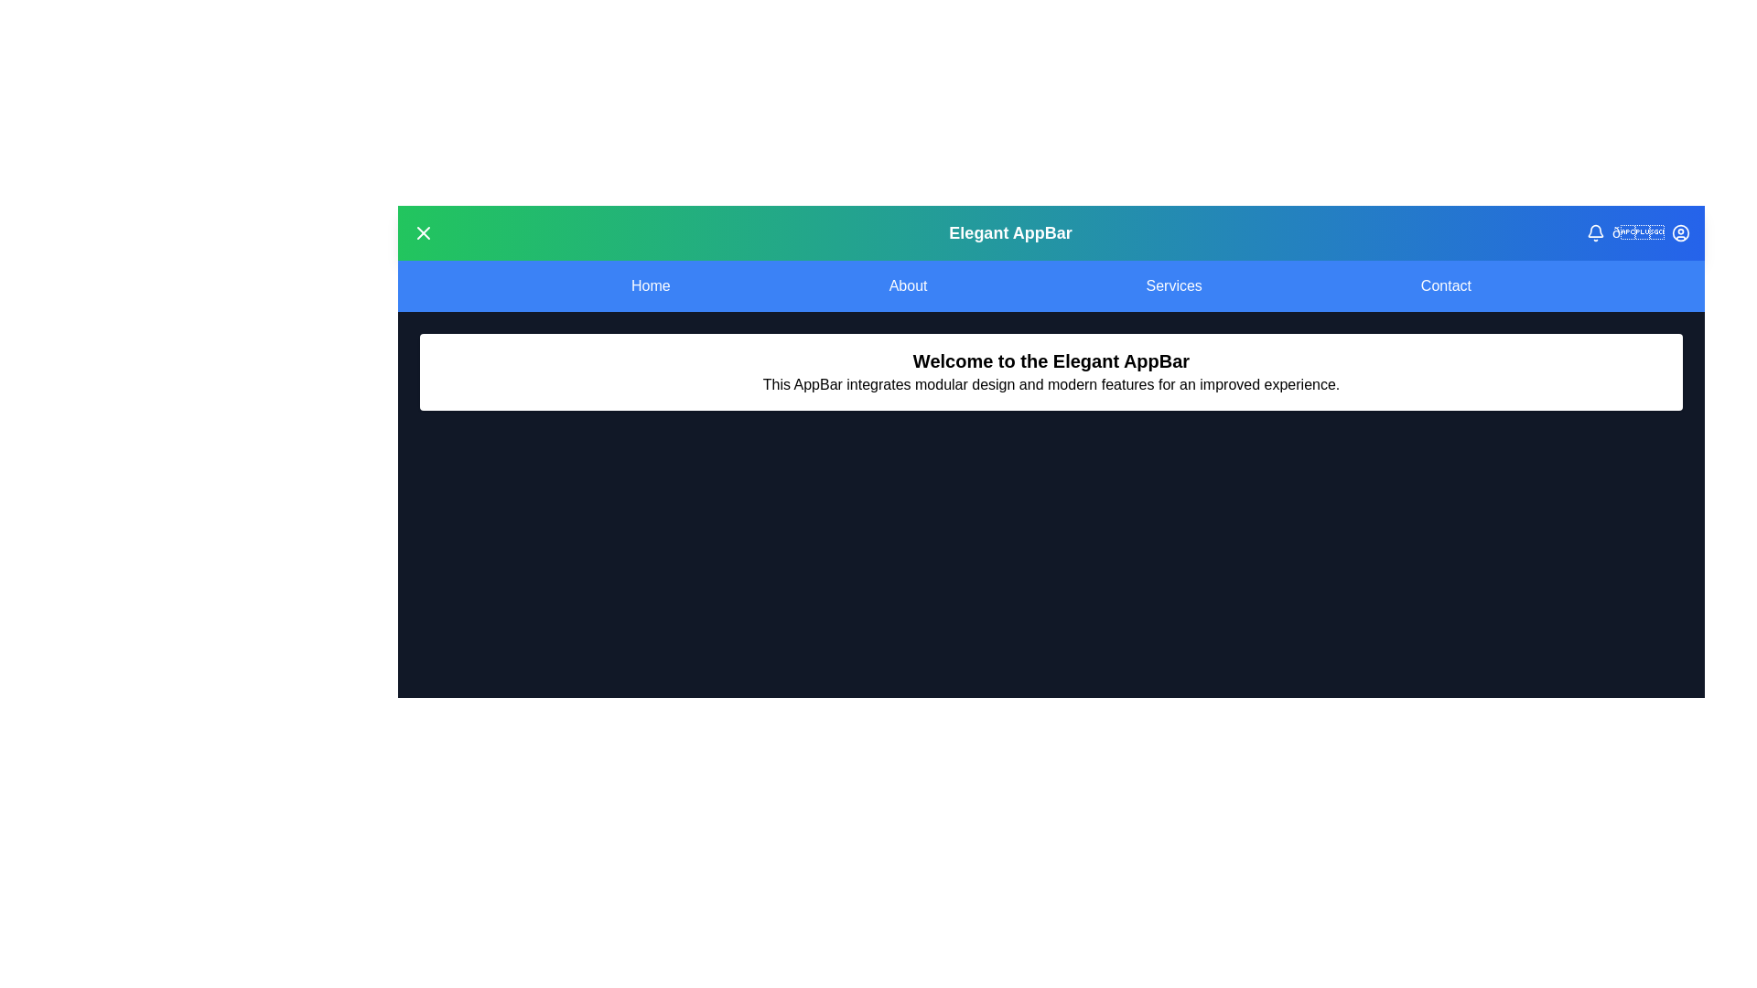 This screenshot has height=988, width=1757. I want to click on the dark mode button to toggle dark mode, so click(1638, 231).